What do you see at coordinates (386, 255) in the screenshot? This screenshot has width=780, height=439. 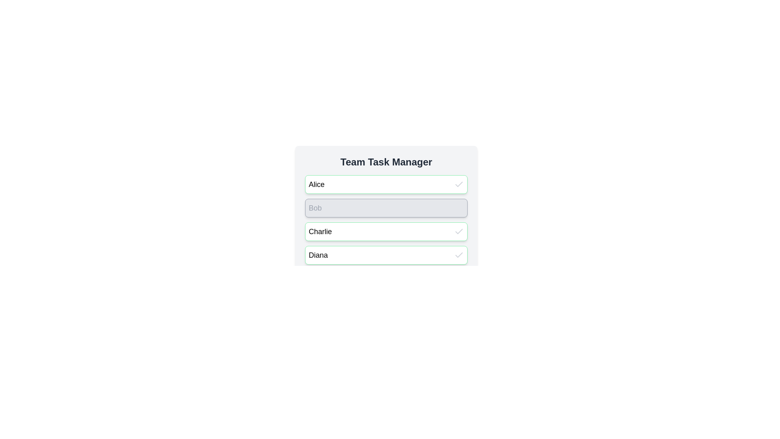 I see `the interactive list item representing 'Diana'` at bounding box center [386, 255].